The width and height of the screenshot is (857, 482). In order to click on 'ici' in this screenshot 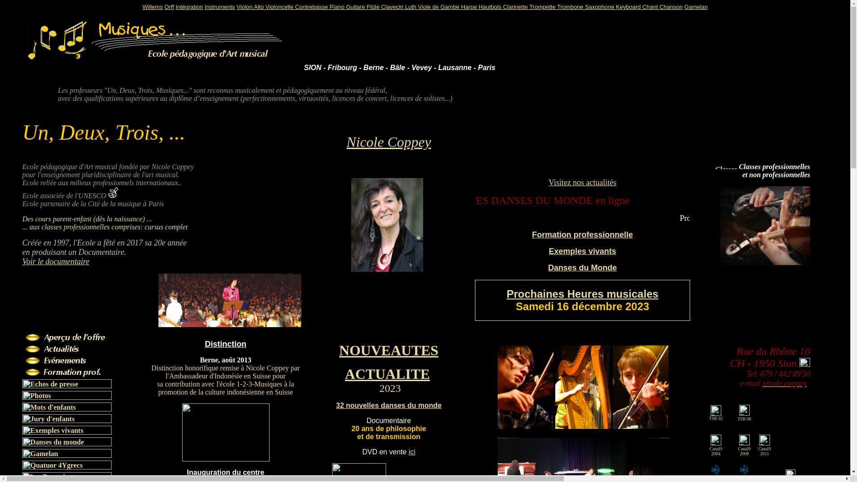, I will do `click(408, 452)`.